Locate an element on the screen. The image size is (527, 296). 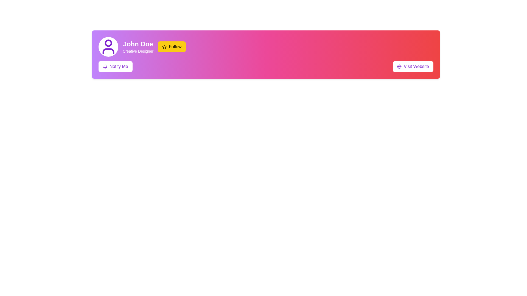
the profile display component that presents the name and role of an individual, located between a circular user icon and a yellow 'Follow' button is located at coordinates (138, 46).